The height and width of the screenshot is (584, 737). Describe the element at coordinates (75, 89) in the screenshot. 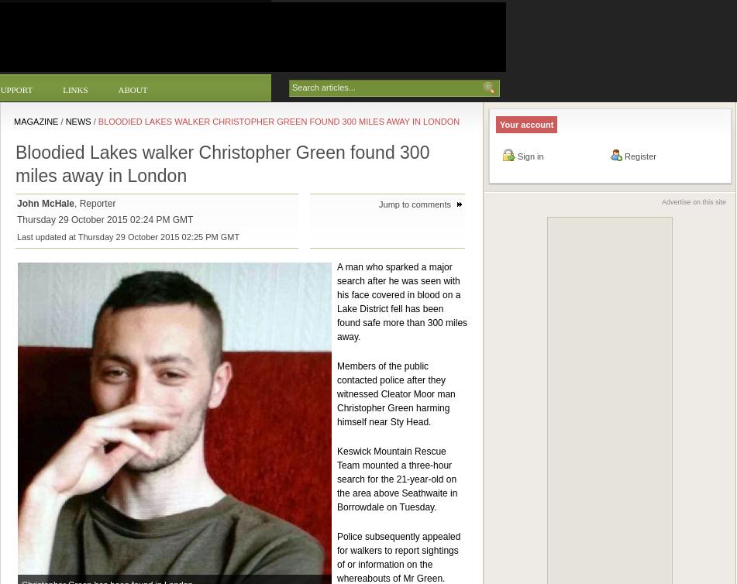

I see `'Links'` at that location.